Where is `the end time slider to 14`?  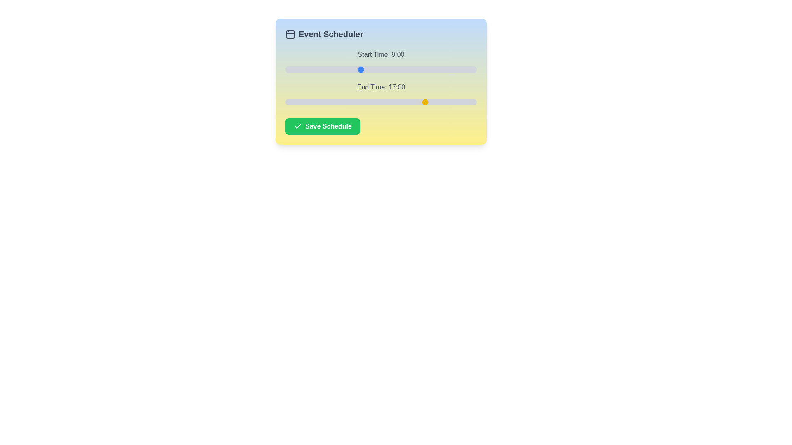
the end time slider to 14 is located at coordinates (402, 101).